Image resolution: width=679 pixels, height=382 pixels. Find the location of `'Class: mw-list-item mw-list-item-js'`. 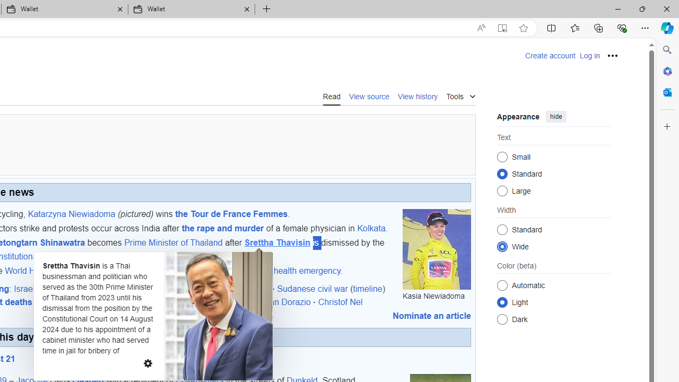

'Class: mw-list-item mw-list-item-js' is located at coordinates (554, 302).